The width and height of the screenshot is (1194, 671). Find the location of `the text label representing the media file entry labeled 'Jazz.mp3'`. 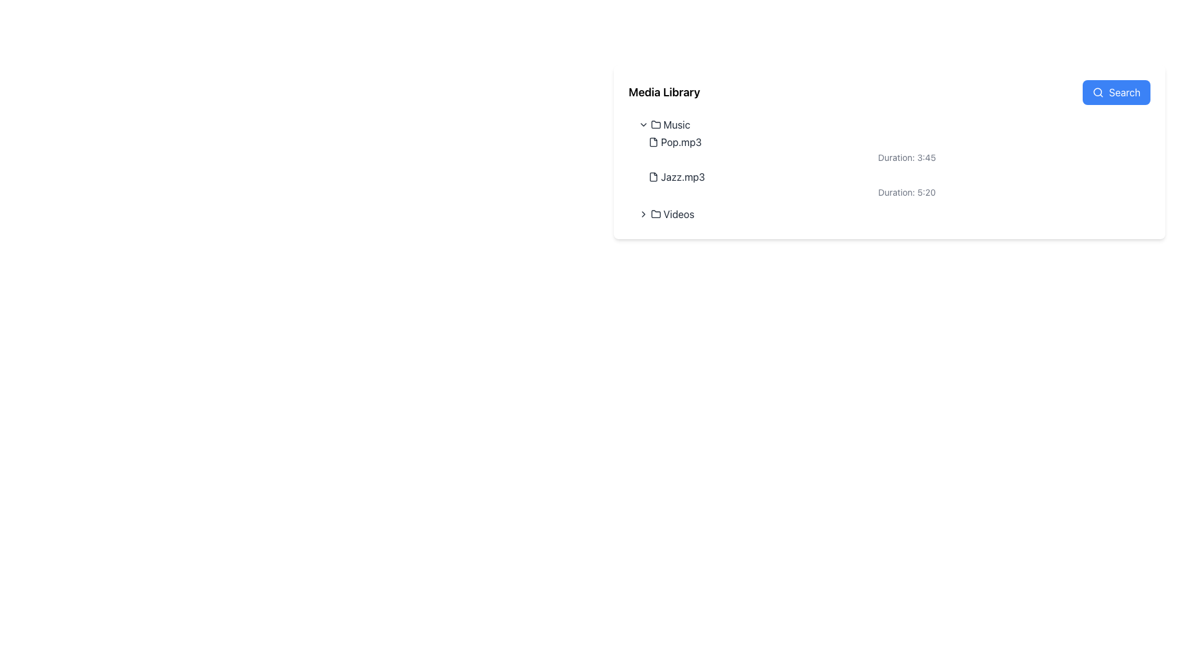

the text label representing the media file entry labeled 'Jazz.mp3' is located at coordinates (682, 177).